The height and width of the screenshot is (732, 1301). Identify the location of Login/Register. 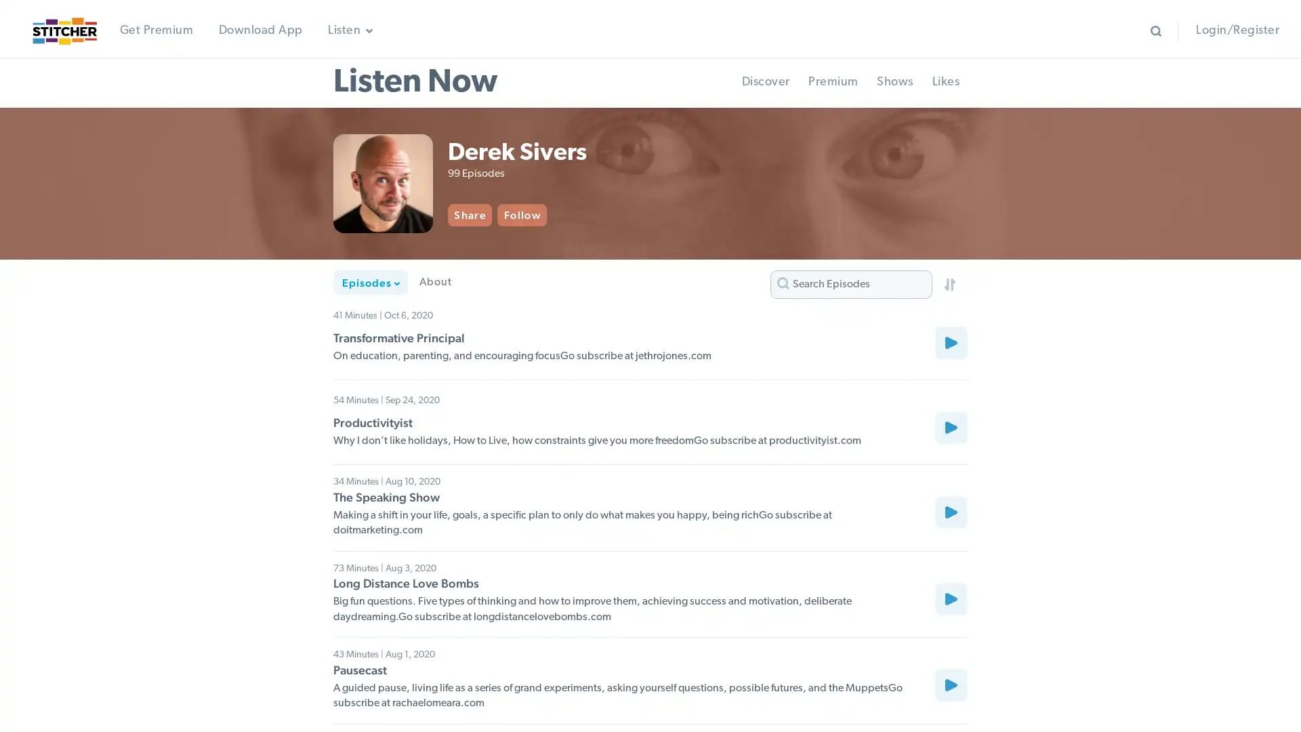
(1237, 30).